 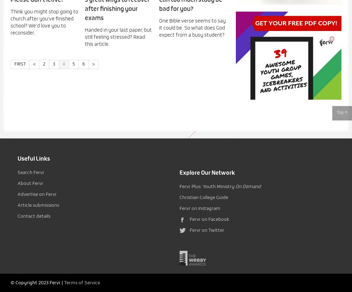 What do you see at coordinates (31, 173) in the screenshot?
I see `'Search Fervr'` at bounding box center [31, 173].